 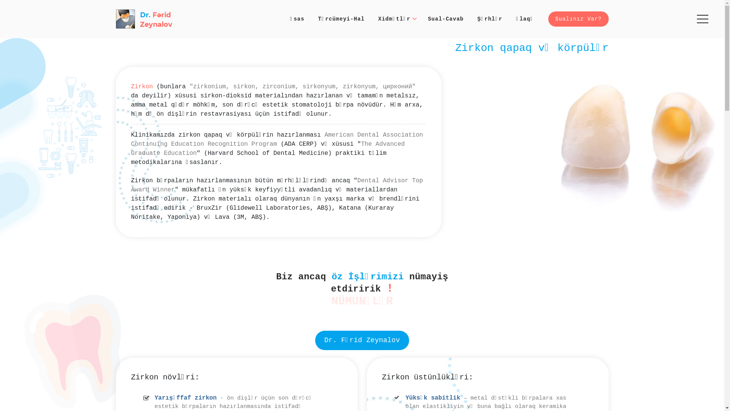 What do you see at coordinates (702, 20) in the screenshot?
I see `'Menu'` at bounding box center [702, 20].